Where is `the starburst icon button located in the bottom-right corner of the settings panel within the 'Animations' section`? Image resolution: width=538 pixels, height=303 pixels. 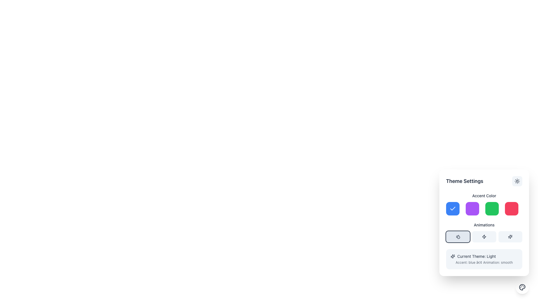
the starburst icon button located in the bottom-right corner of the settings panel within the 'Animations' section is located at coordinates (510, 237).